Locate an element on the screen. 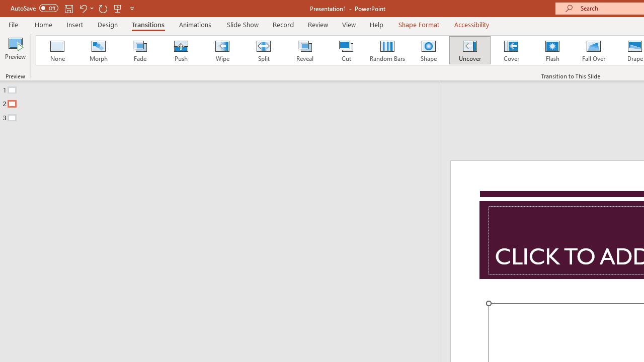 The width and height of the screenshot is (644, 362). 'Fade' is located at coordinates (139, 50).